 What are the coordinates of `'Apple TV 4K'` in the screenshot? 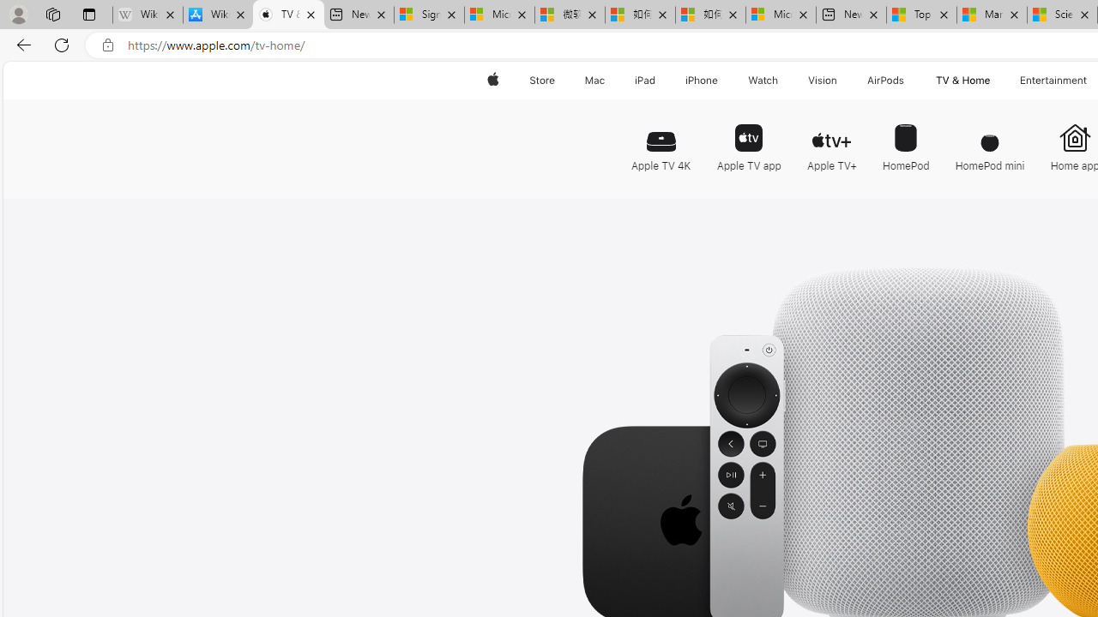 It's located at (660, 140).